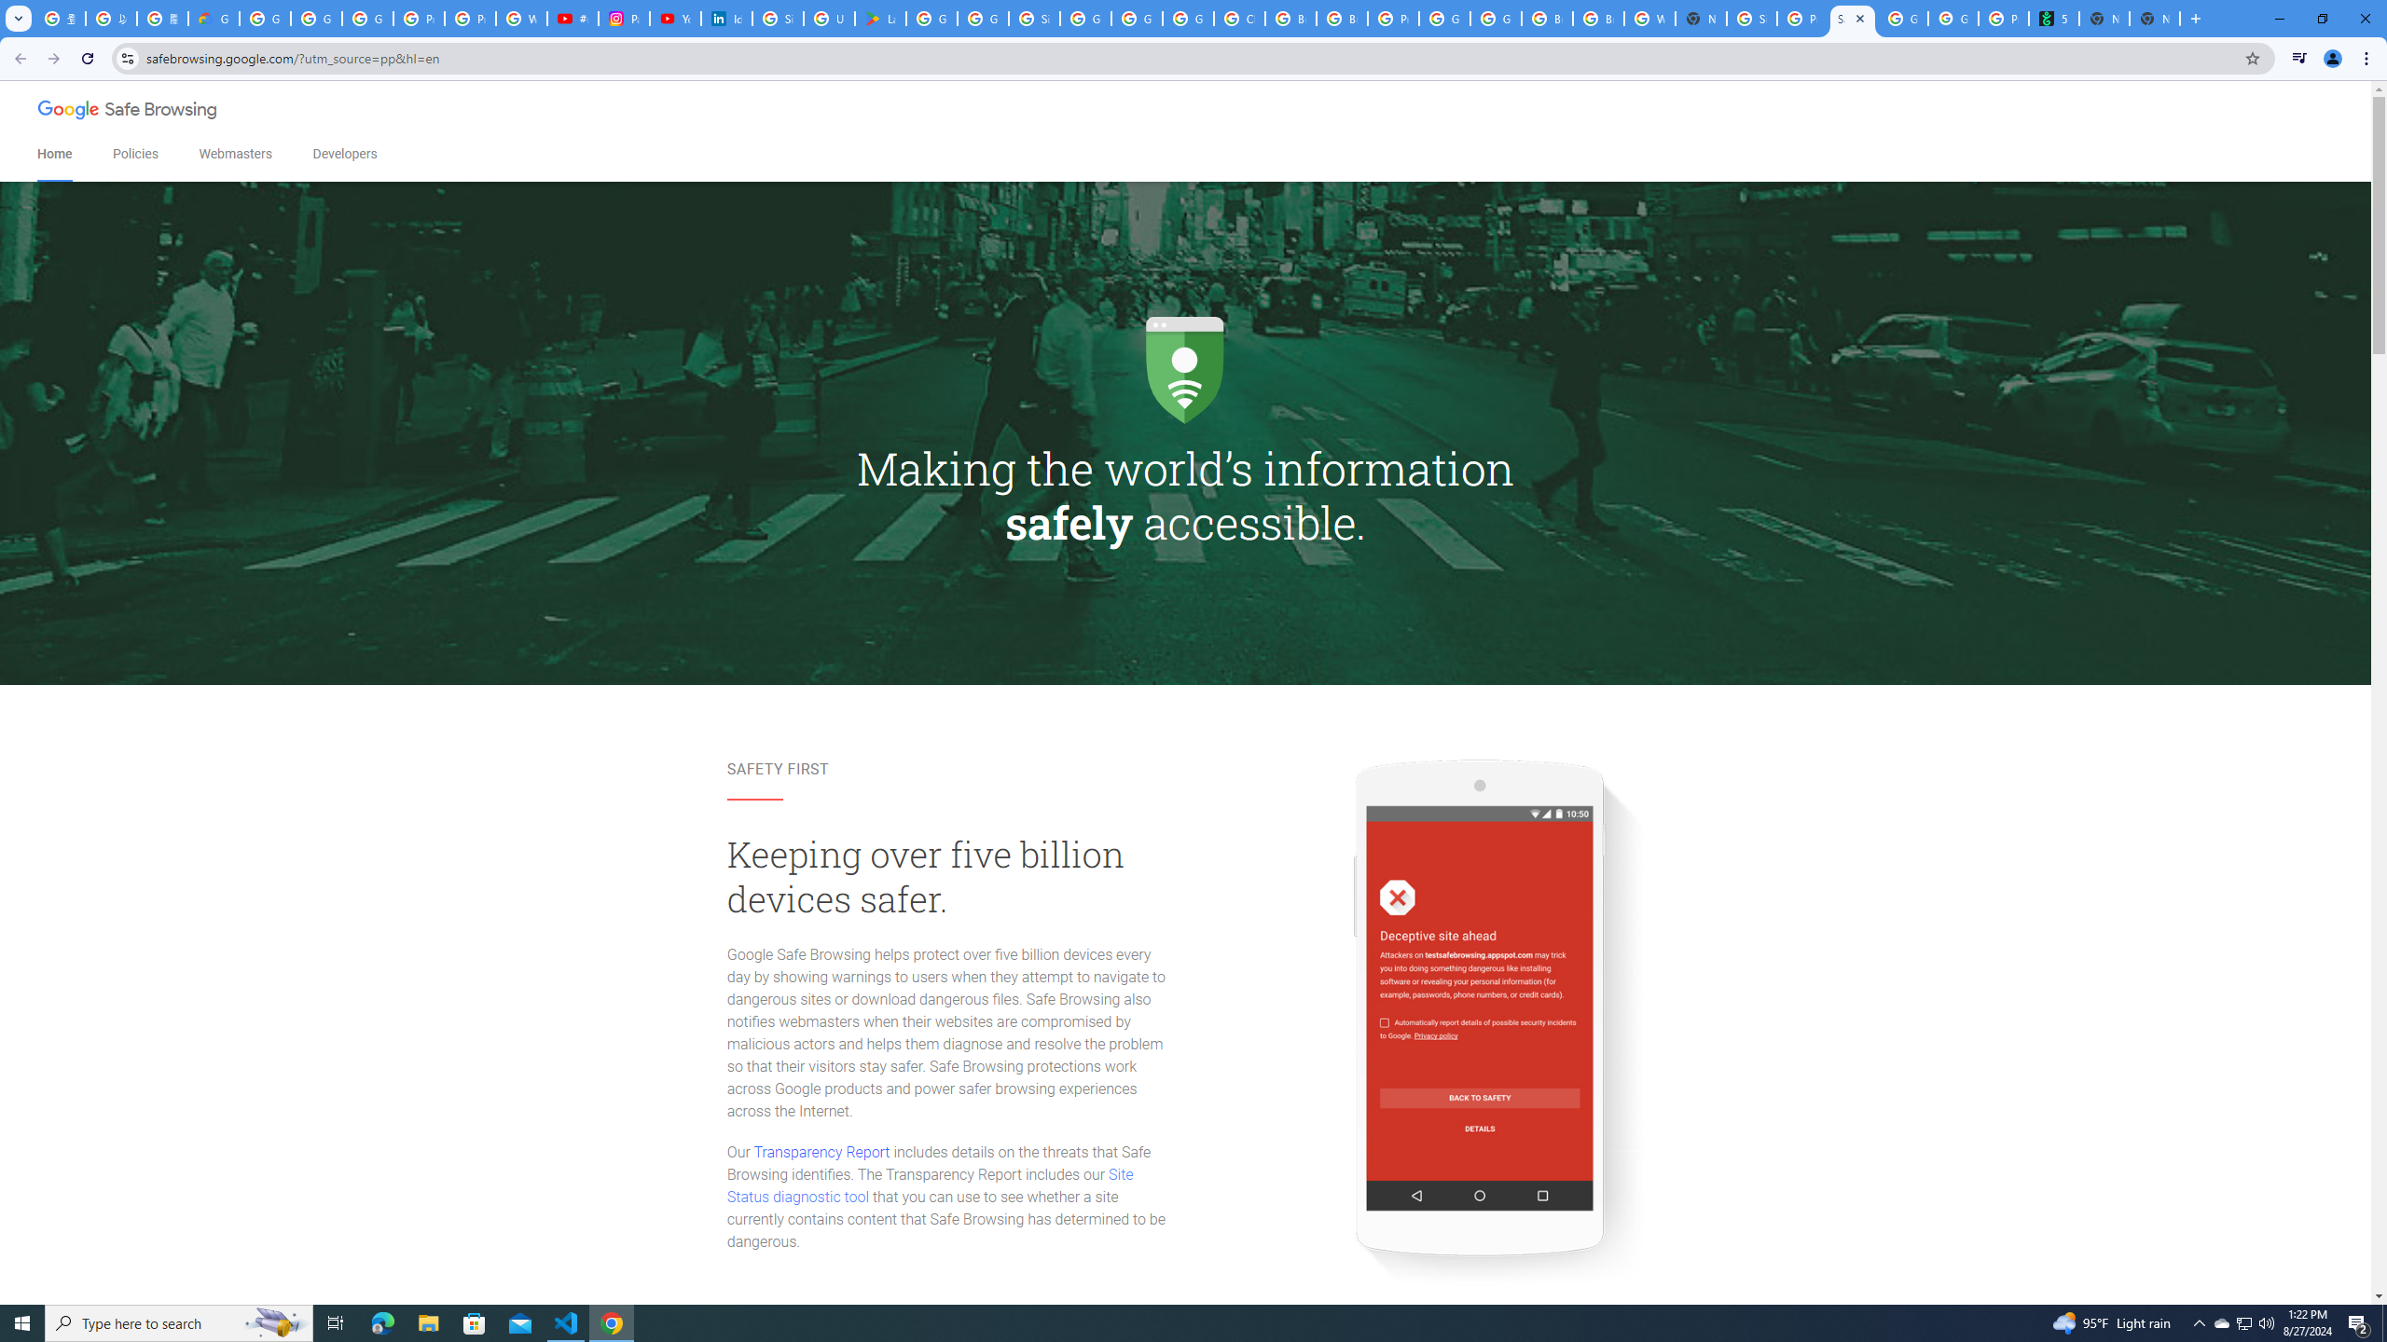 The width and height of the screenshot is (2387, 1342). I want to click on 'Home', so click(53, 154).